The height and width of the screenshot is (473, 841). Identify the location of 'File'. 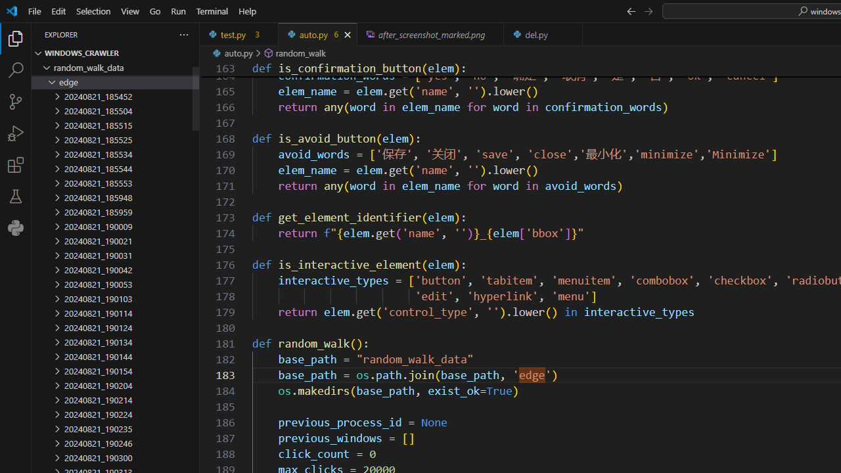
(34, 11).